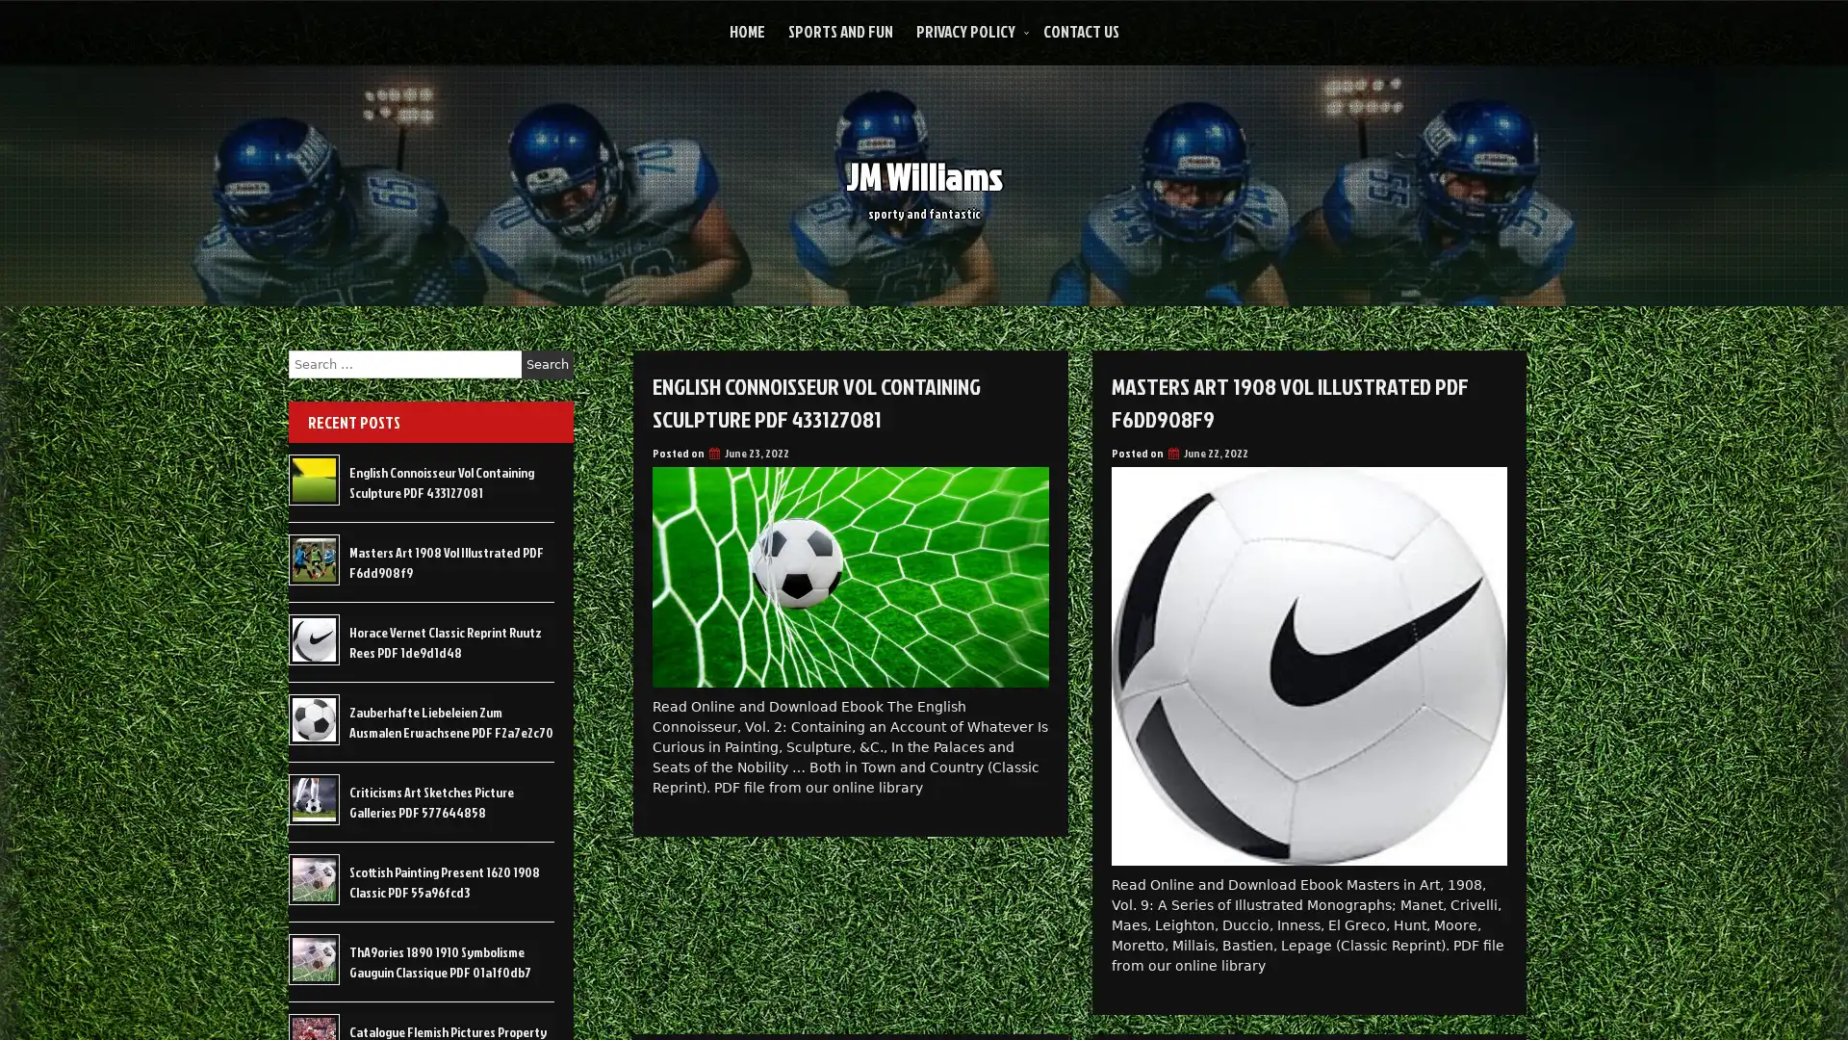 Image resolution: width=1848 pixels, height=1040 pixels. Describe the element at coordinates (547, 364) in the screenshot. I see `Search` at that location.